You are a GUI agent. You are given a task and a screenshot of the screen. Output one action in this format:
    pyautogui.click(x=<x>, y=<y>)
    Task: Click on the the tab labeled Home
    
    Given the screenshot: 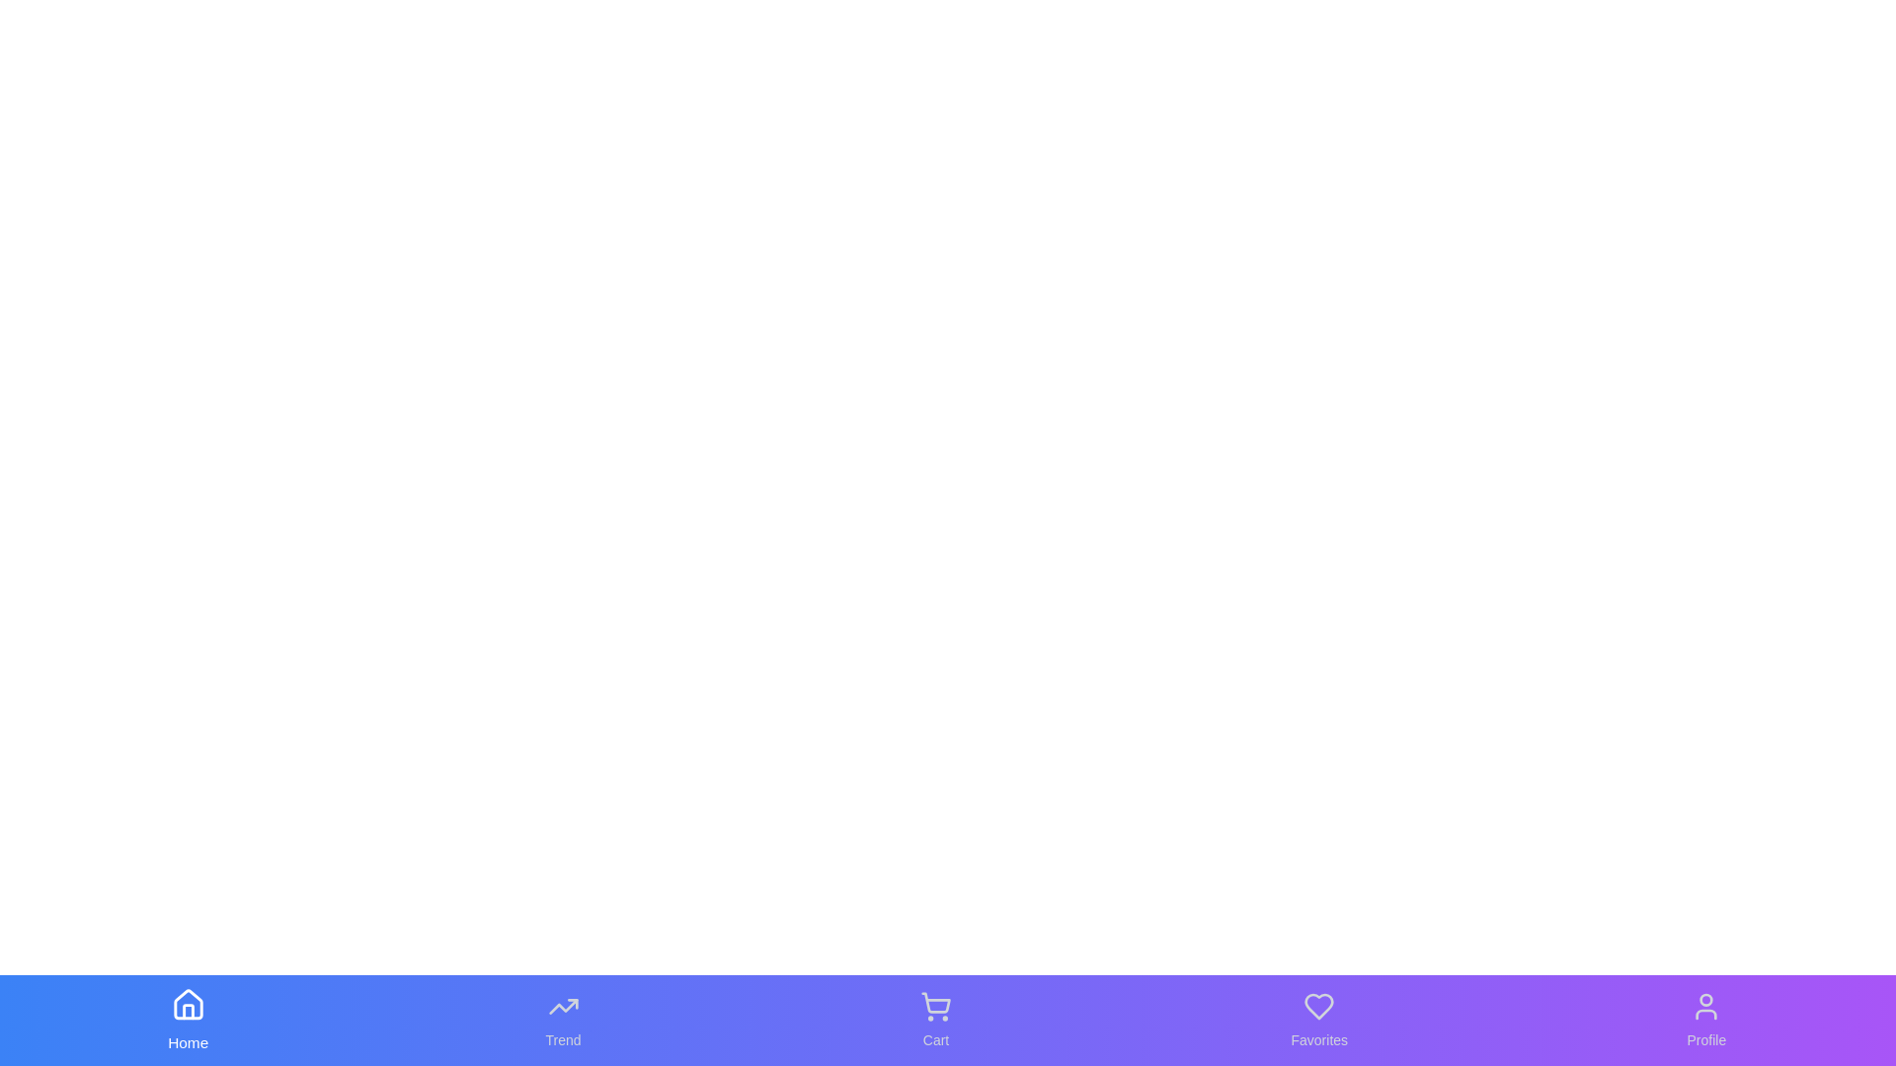 What is the action you would take?
    pyautogui.click(x=188, y=1020)
    